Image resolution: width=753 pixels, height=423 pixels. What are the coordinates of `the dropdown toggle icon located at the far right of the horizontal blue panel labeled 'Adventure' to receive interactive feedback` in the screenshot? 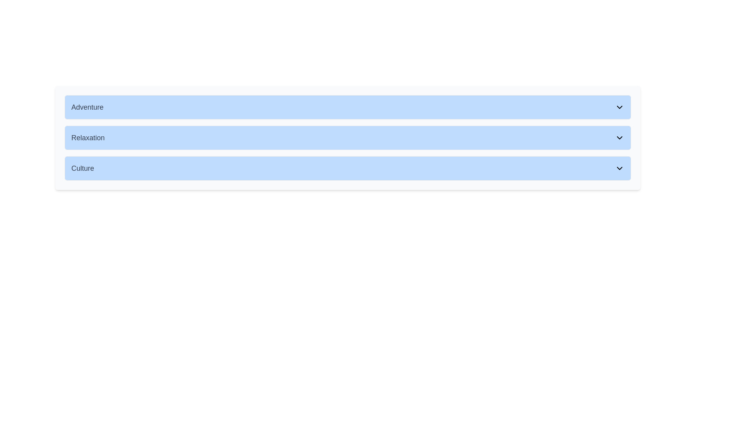 It's located at (619, 107).